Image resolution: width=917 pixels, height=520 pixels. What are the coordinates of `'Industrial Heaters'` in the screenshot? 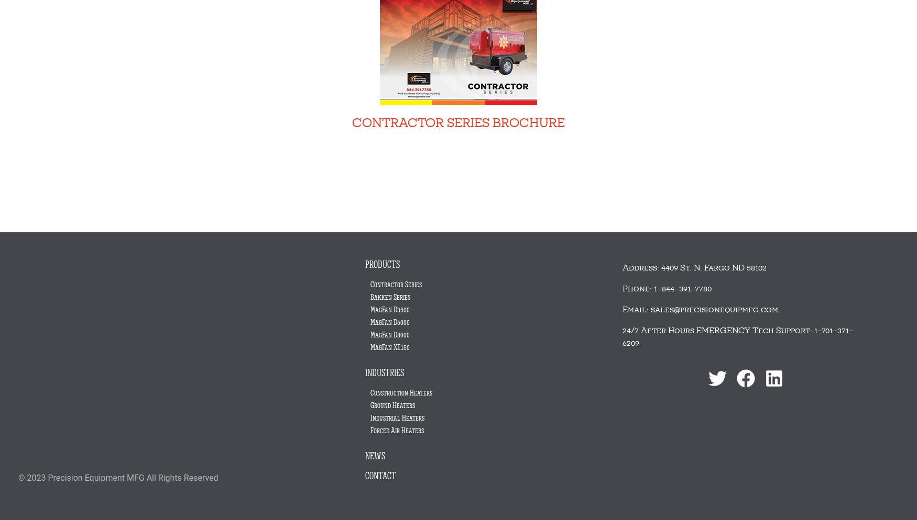 It's located at (397, 417).